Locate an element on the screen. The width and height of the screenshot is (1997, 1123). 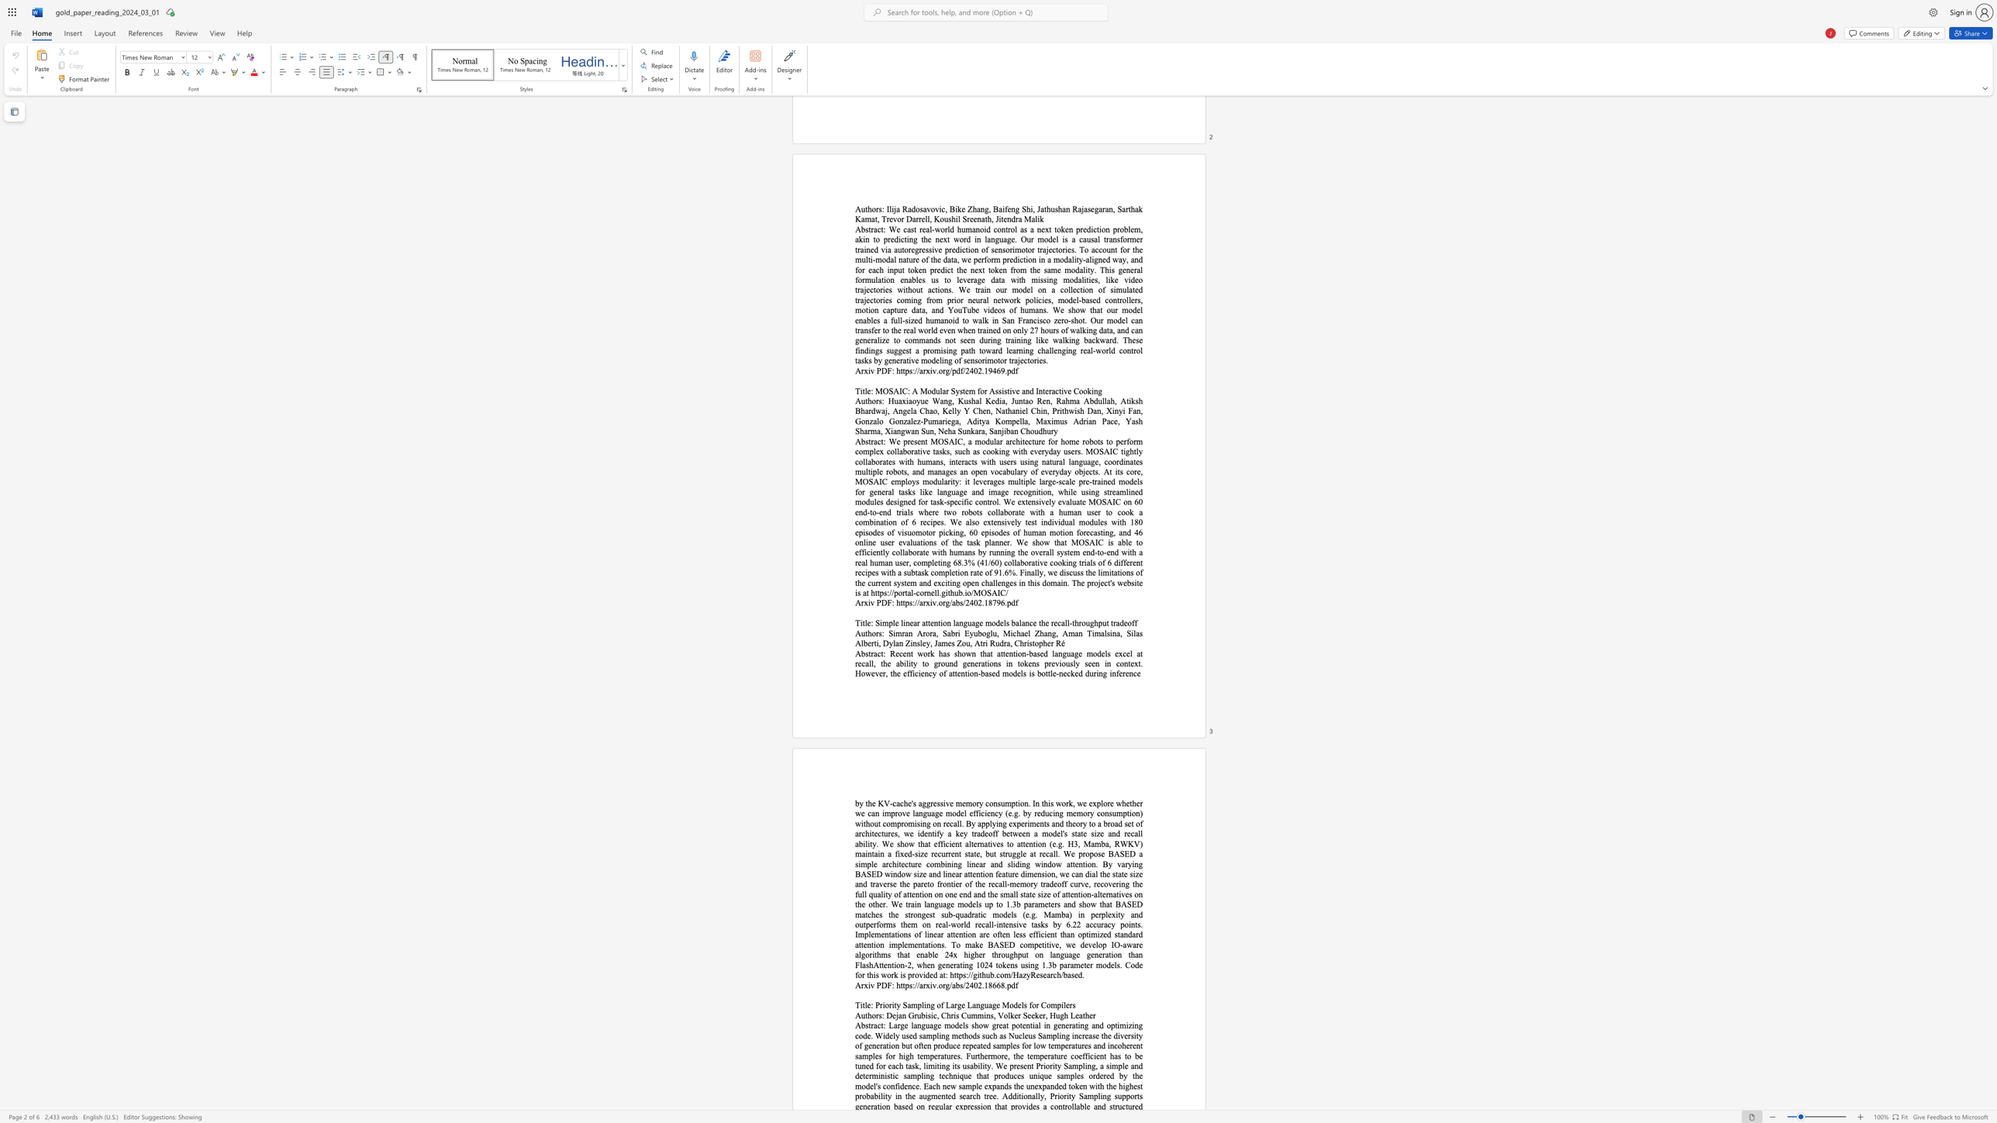
the subset text "str" within the text "Abstract:" is located at coordinates (864, 653).